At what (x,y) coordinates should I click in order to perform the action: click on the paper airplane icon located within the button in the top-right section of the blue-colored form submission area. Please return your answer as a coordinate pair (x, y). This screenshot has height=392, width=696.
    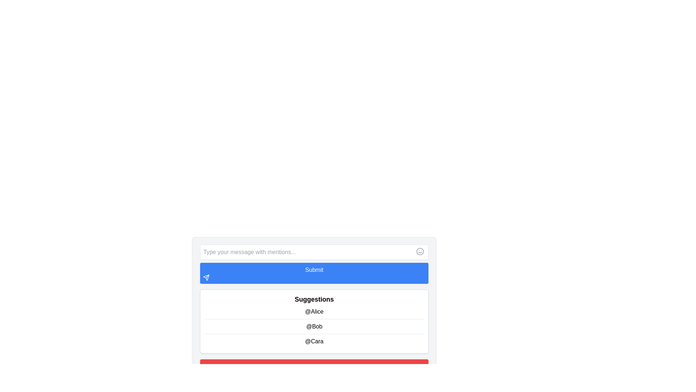
    Looking at the image, I should click on (206, 277).